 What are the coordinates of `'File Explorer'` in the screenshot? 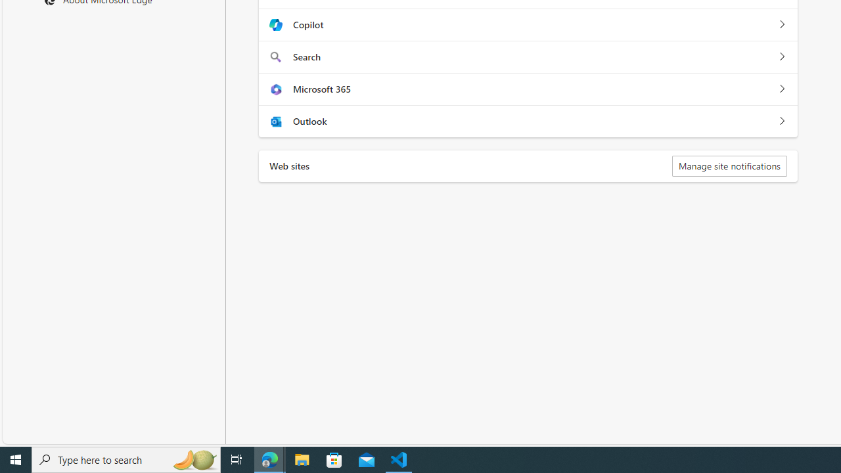 It's located at (302, 459).